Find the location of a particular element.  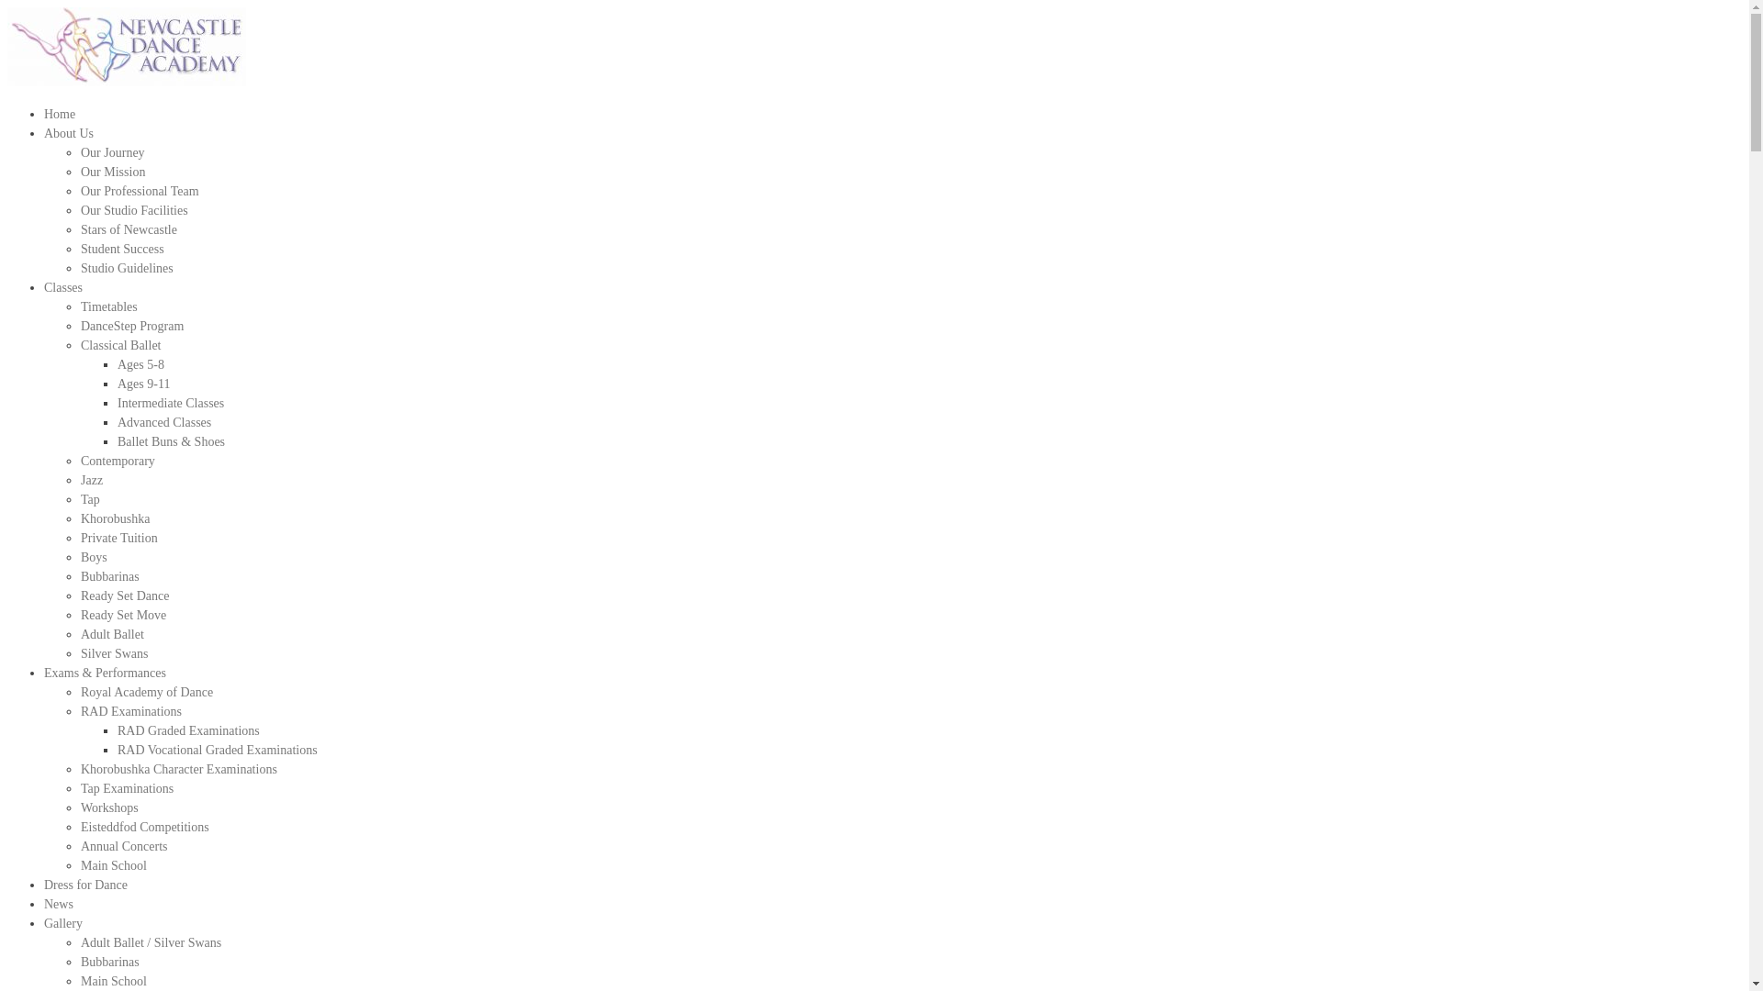

'Our Journey' is located at coordinates (79, 151).